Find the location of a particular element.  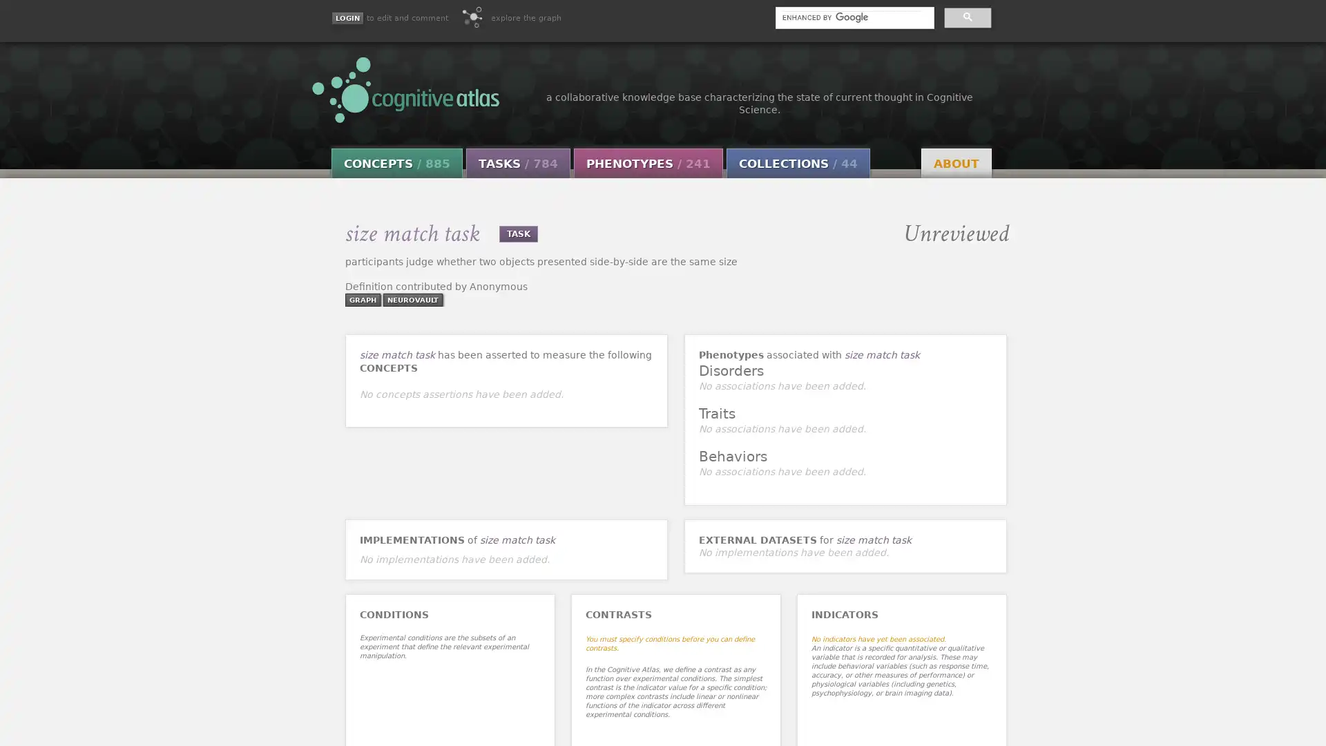

GRAPH is located at coordinates (362, 299).